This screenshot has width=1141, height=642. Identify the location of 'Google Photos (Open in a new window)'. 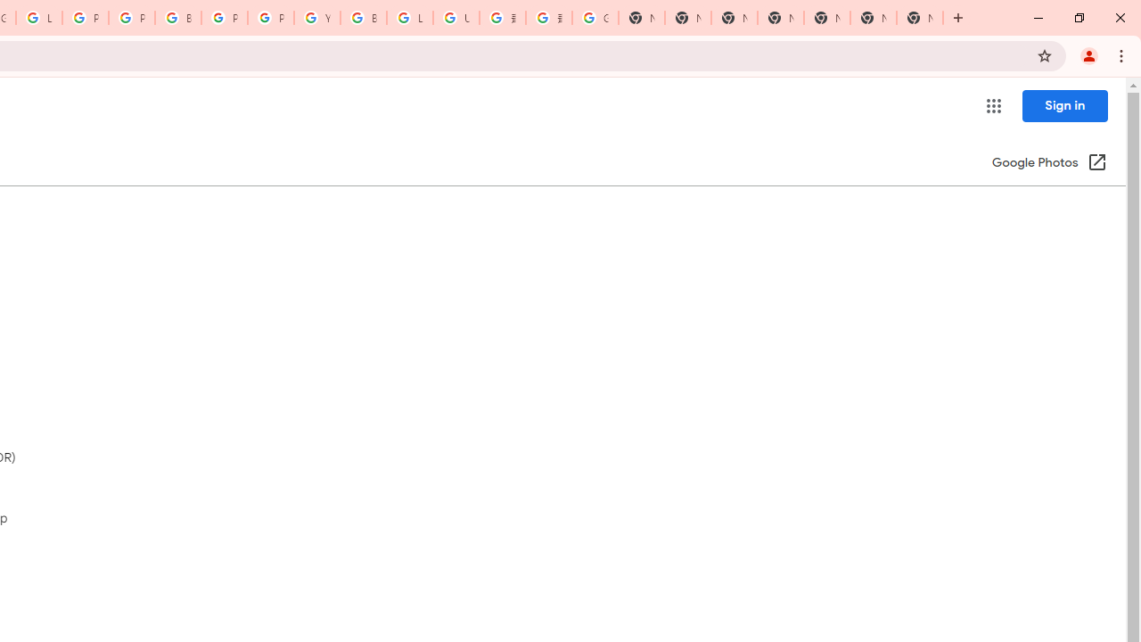
(1049, 163).